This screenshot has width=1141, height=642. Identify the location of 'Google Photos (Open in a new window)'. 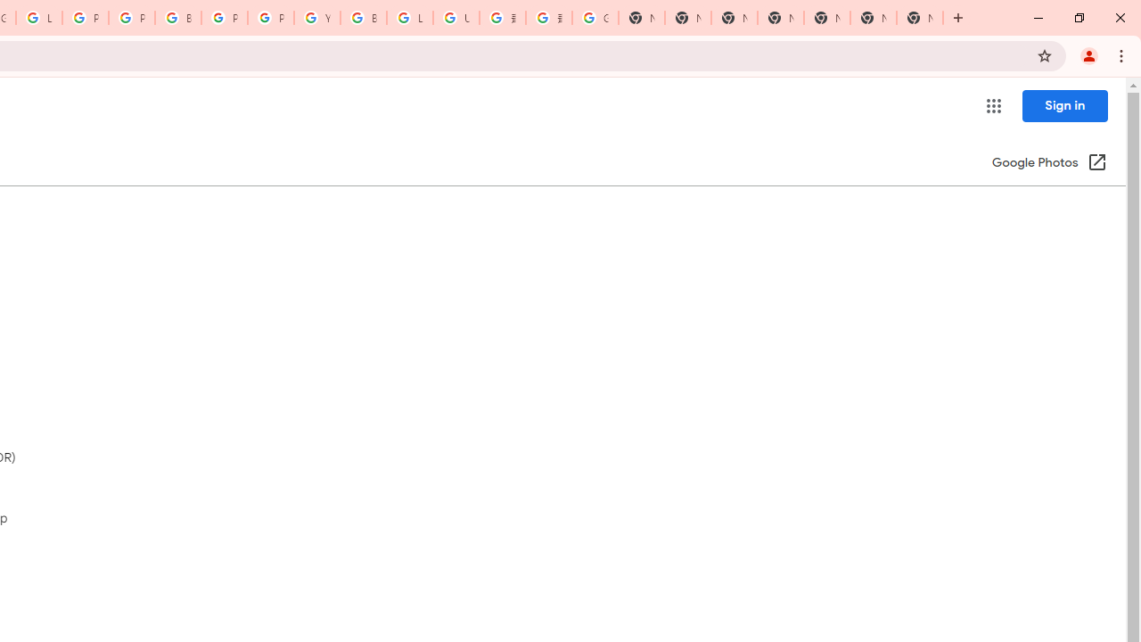
(1049, 163).